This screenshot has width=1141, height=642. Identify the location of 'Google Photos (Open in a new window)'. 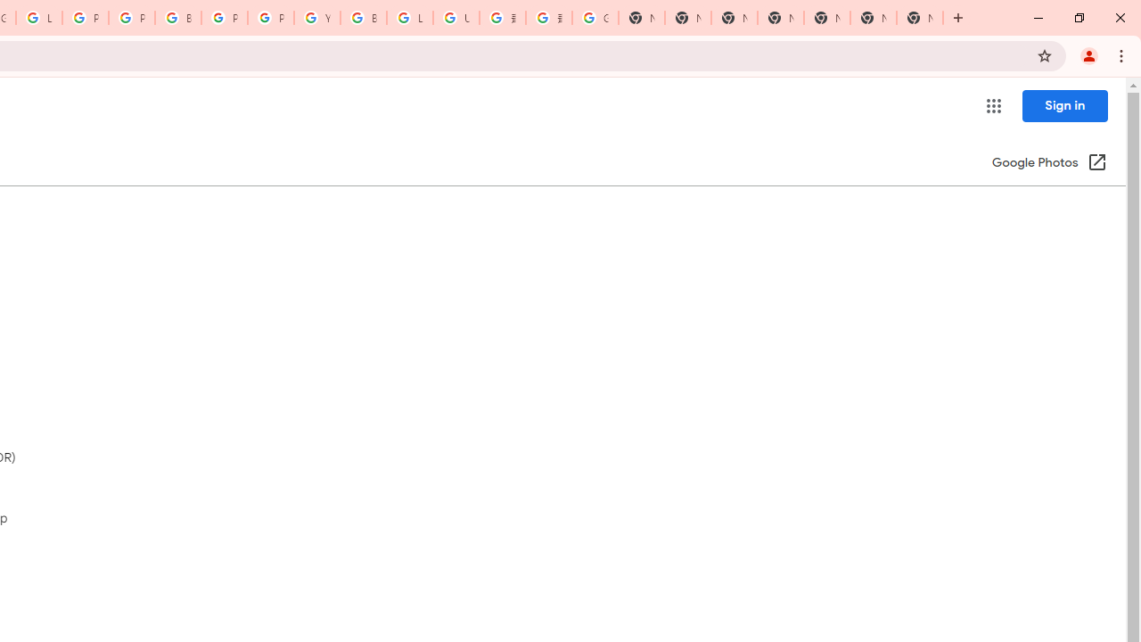
(1049, 163).